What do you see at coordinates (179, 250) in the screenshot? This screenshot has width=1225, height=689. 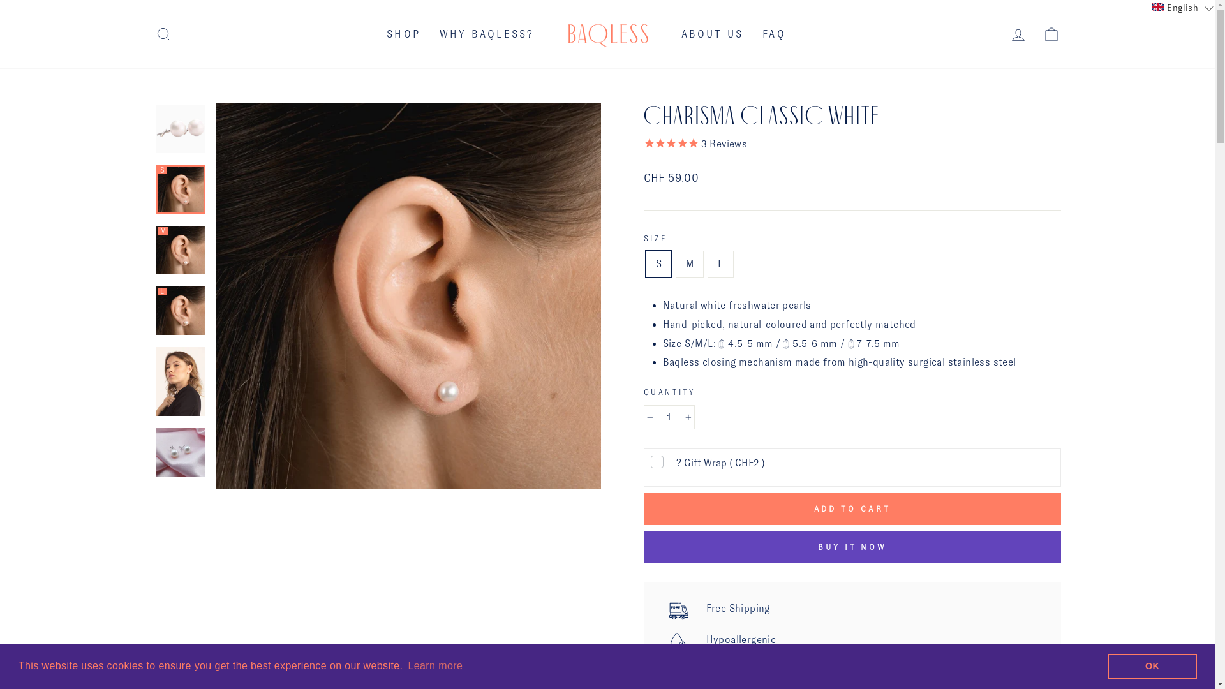 I see `'M'` at bounding box center [179, 250].